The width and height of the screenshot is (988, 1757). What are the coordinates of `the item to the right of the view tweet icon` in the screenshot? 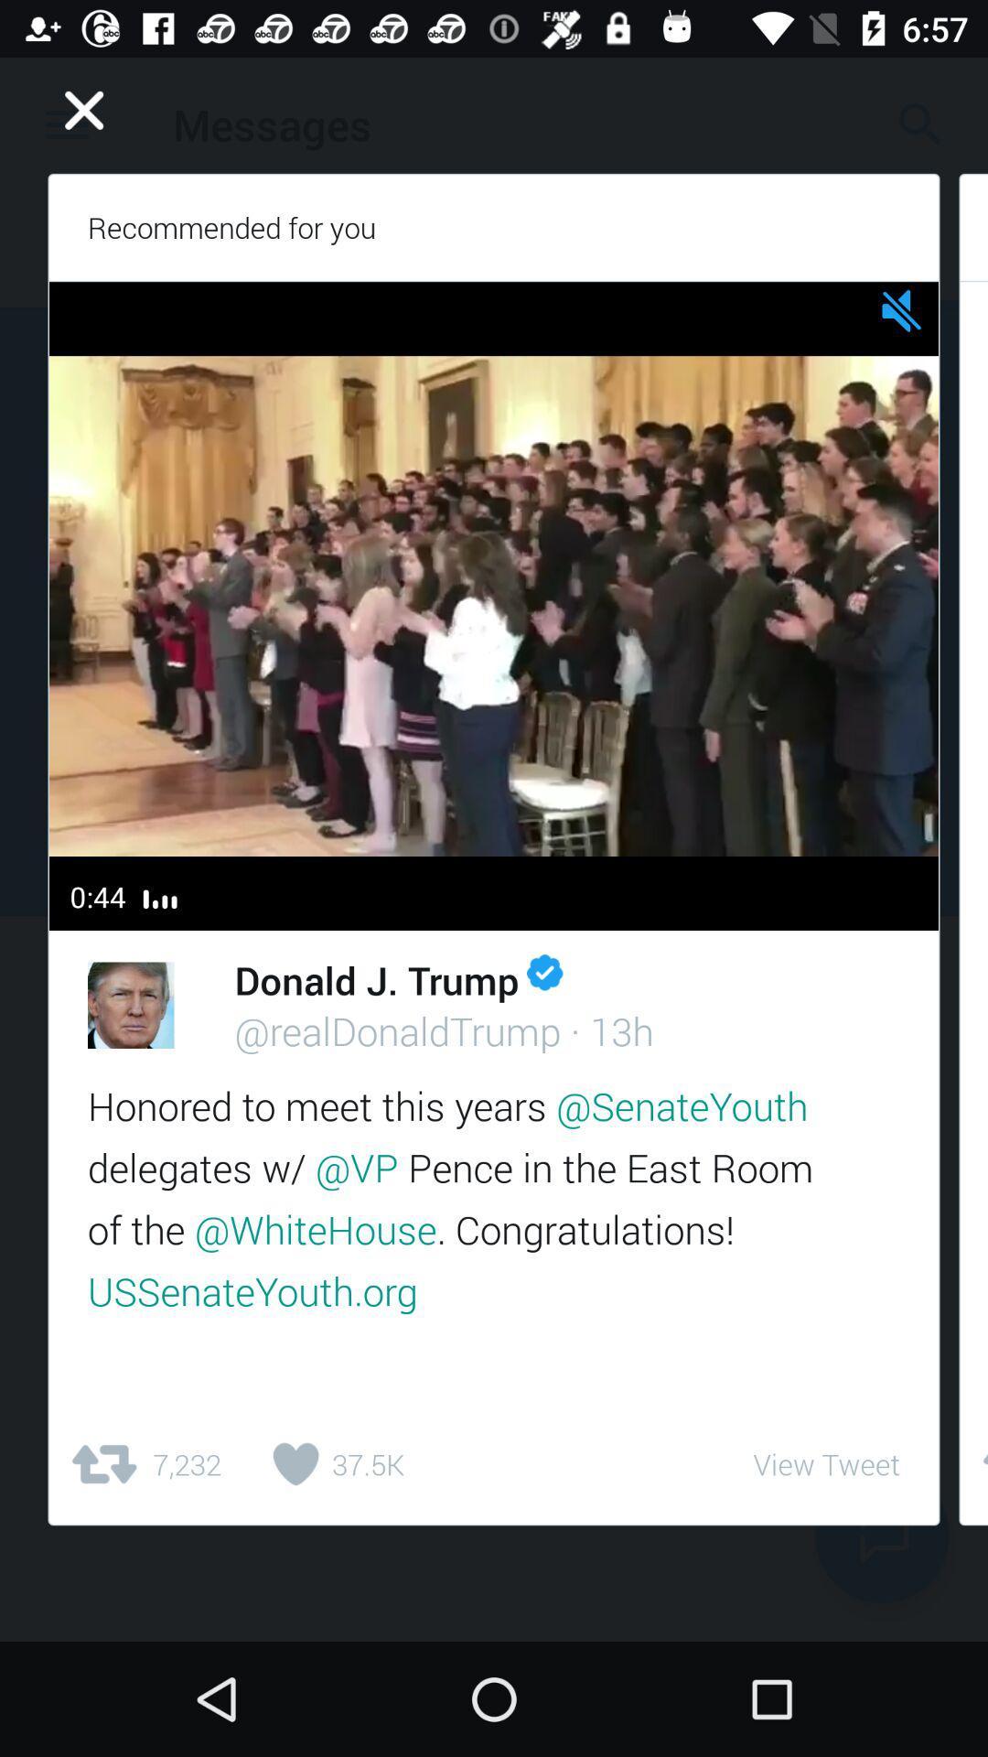 It's located at (972, 1464).